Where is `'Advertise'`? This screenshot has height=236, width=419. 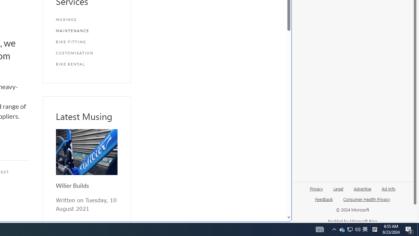
'Advertise' is located at coordinates (362, 191).